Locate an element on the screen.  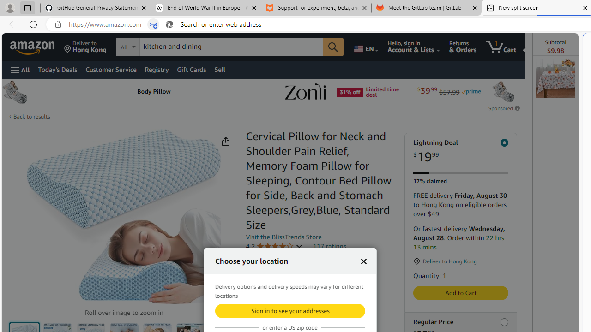
'Choose a language for shopping.' is located at coordinates (365, 47).